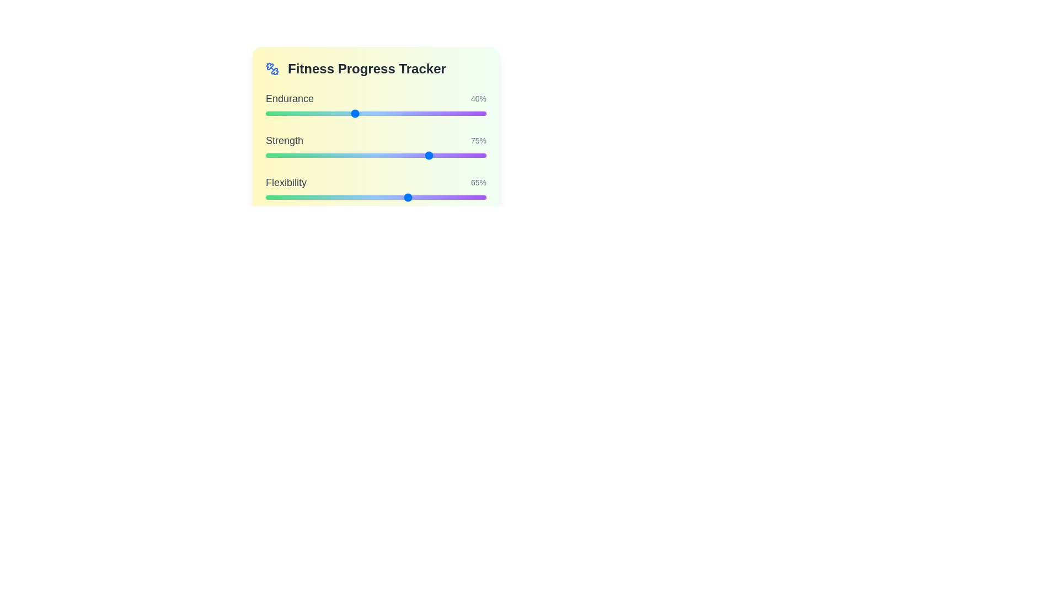 The width and height of the screenshot is (1059, 596). I want to click on the 'Endurance' label in the Fitness Progress Tracker widget, which is positioned to the left of the progress bar and above the percentage value '40%', so click(290, 98).